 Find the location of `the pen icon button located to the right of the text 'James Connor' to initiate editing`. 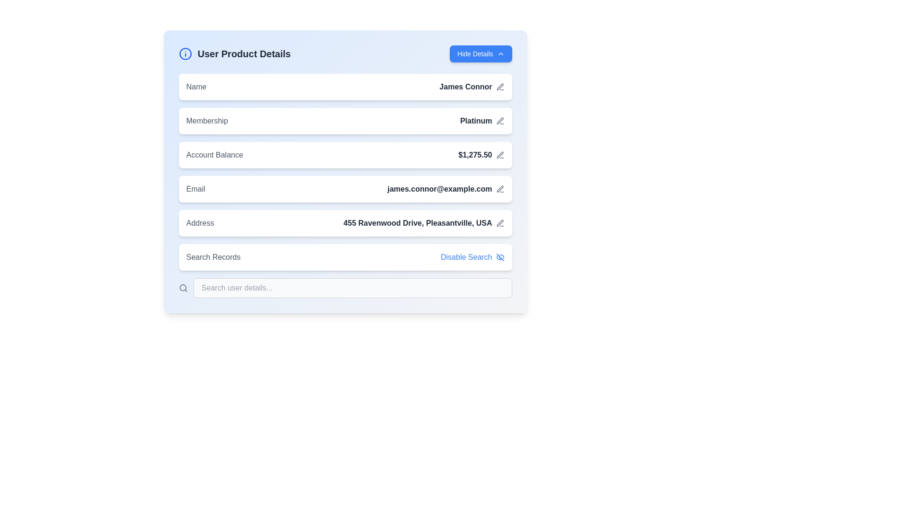

the pen icon button located to the right of the text 'James Connor' to initiate editing is located at coordinates (499, 87).